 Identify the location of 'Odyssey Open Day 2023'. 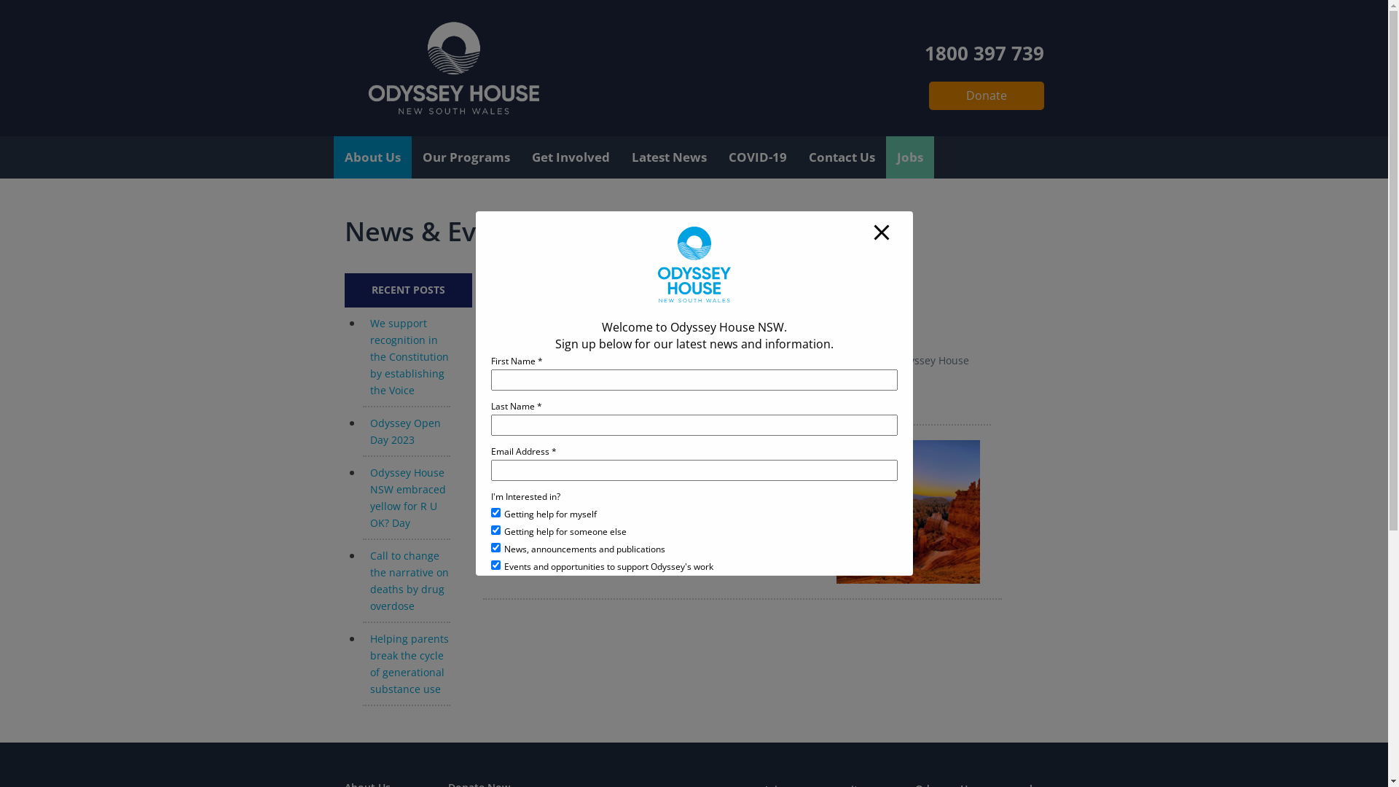
(370, 430).